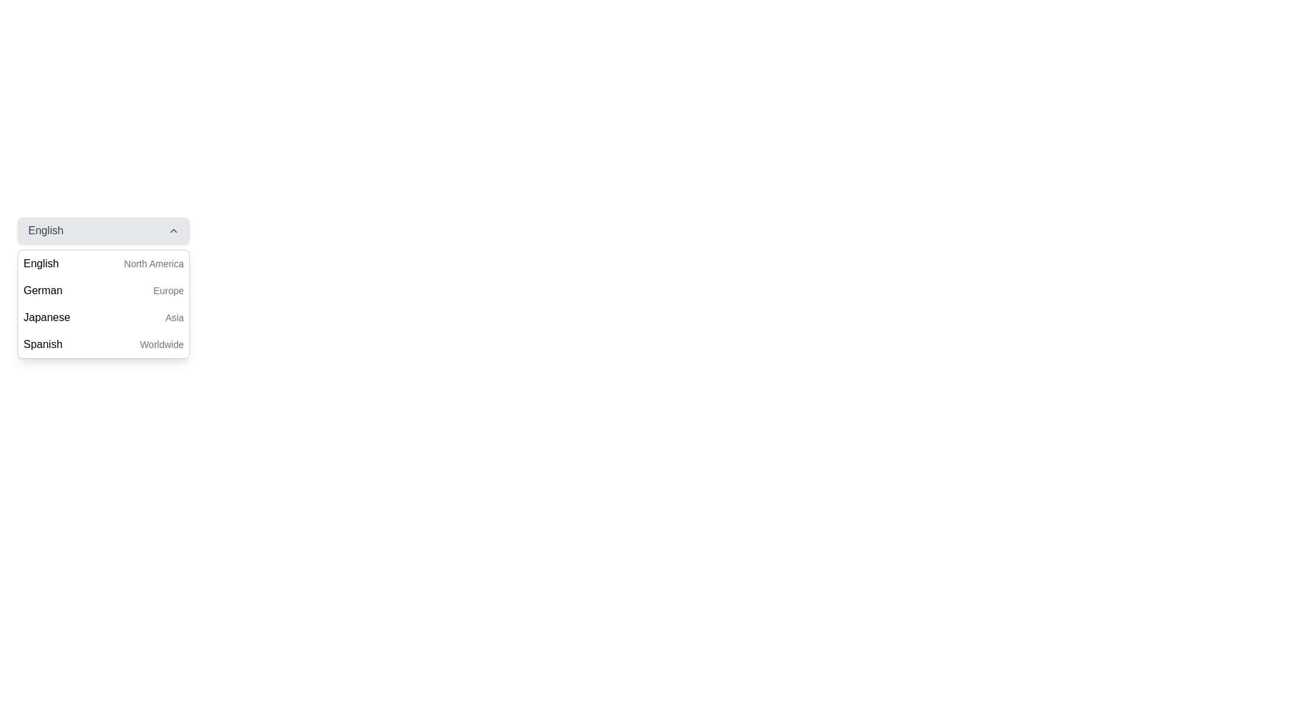  Describe the element at coordinates (102, 230) in the screenshot. I see `the dropdown menu that allows users to select their preferred language, currently set to 'English', to interact with it` at that location.